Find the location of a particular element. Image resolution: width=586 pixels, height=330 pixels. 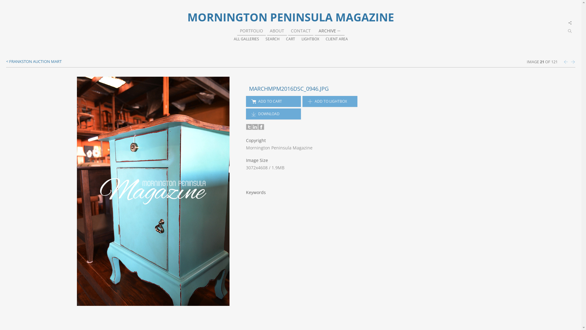

'DOWNLOAD' is located at coordinates (273, 114).